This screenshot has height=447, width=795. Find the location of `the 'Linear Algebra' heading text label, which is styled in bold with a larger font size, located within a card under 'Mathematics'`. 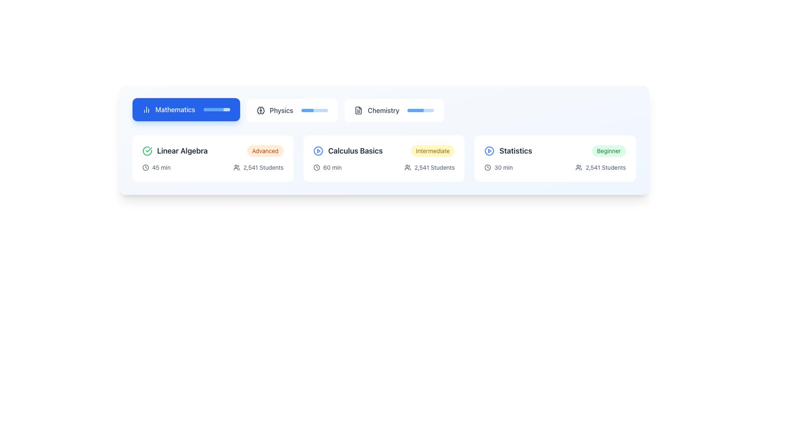

the 'Linear Algebra' heading text label, which is styled in bold with a larger font size, located within a card under 'Mathematics' is located at coordinates (182, 151).